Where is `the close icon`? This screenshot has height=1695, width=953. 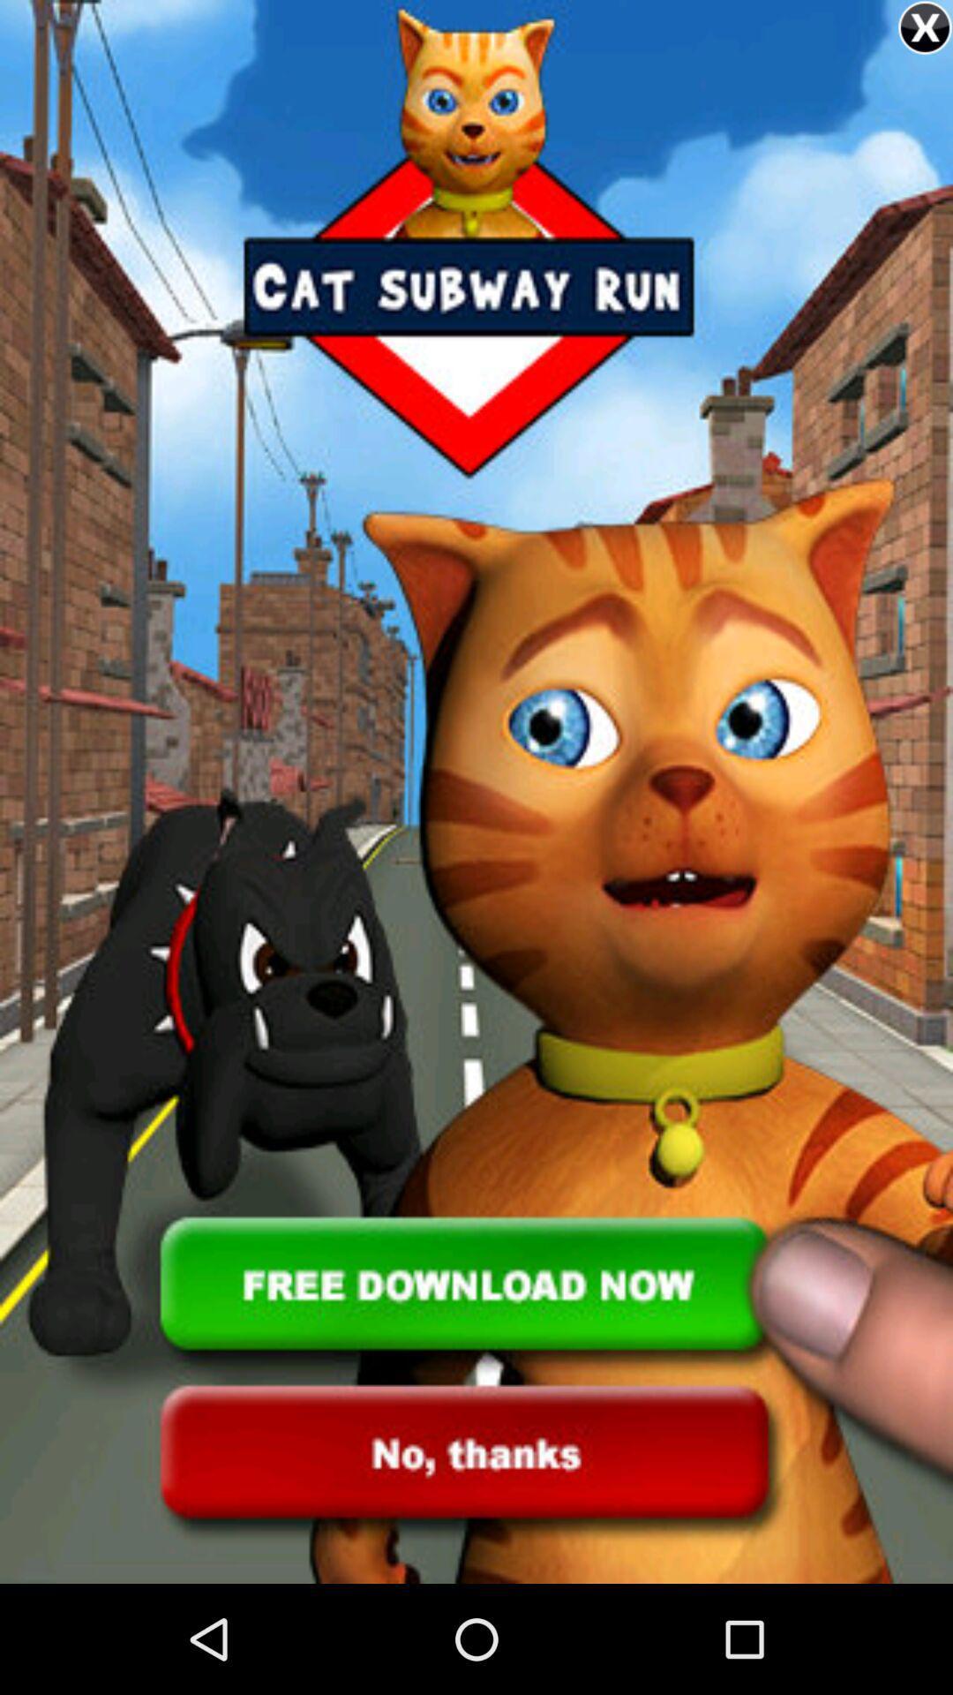
the close icon is located at coordinates (924, 29).